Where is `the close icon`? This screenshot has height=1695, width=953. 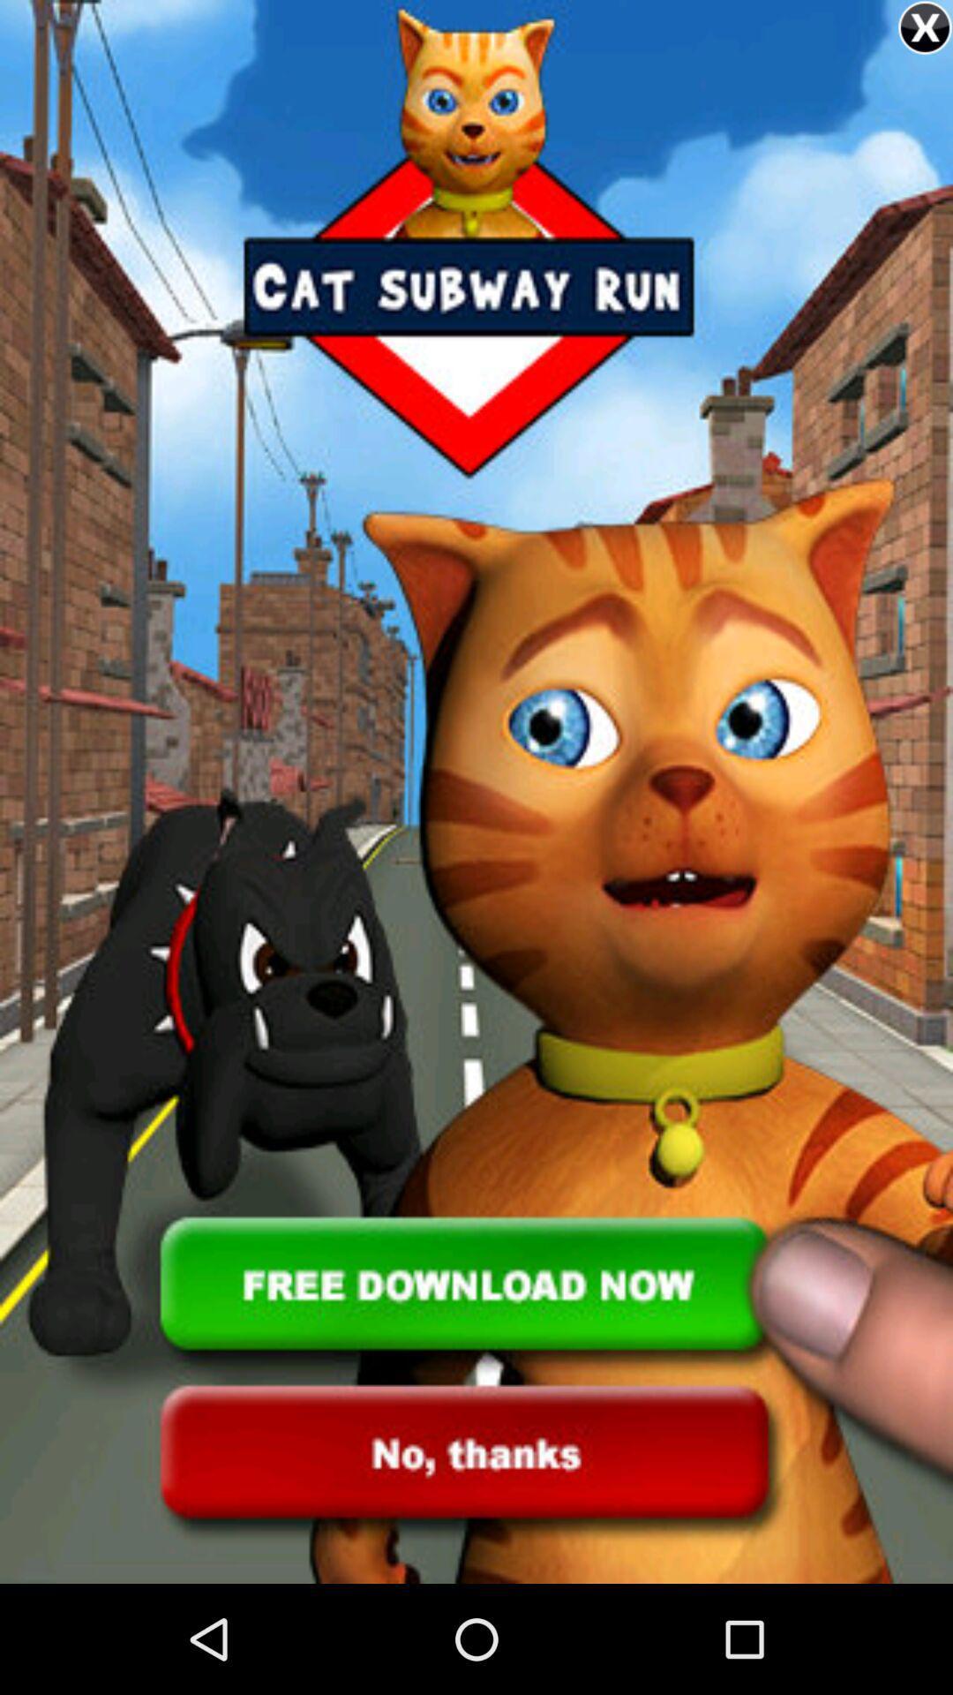
the close icon is located at coordinates (924, 29).